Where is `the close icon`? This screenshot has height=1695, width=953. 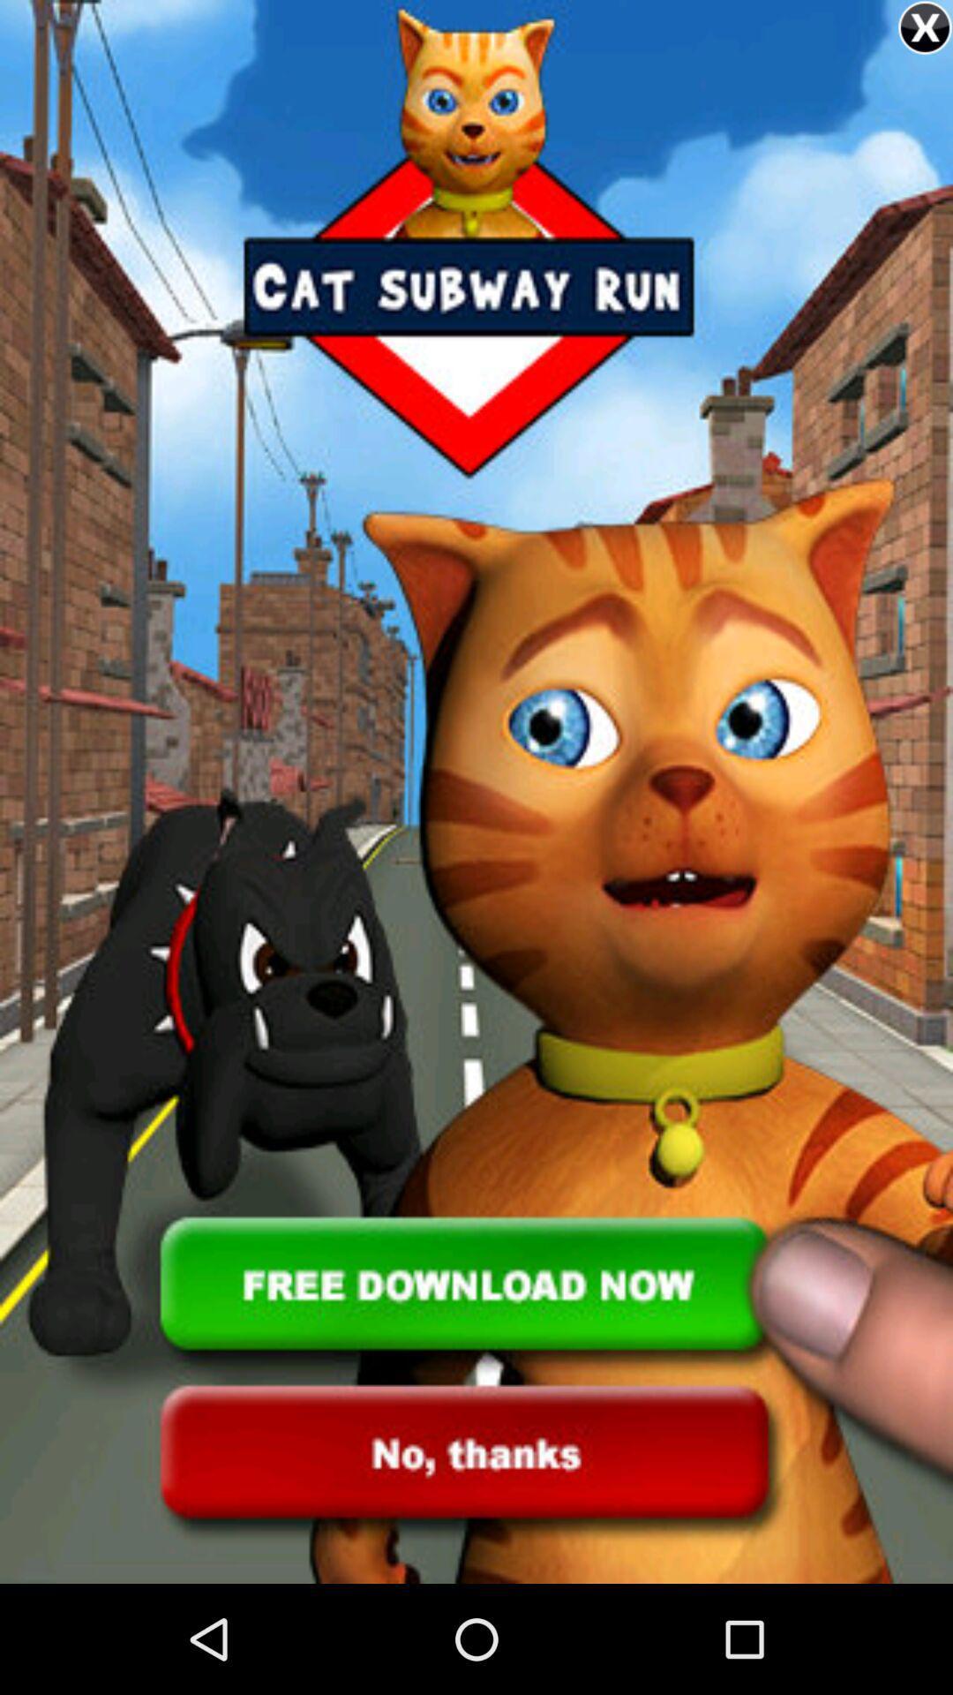
the close icon is located at coordinates (924, 29).